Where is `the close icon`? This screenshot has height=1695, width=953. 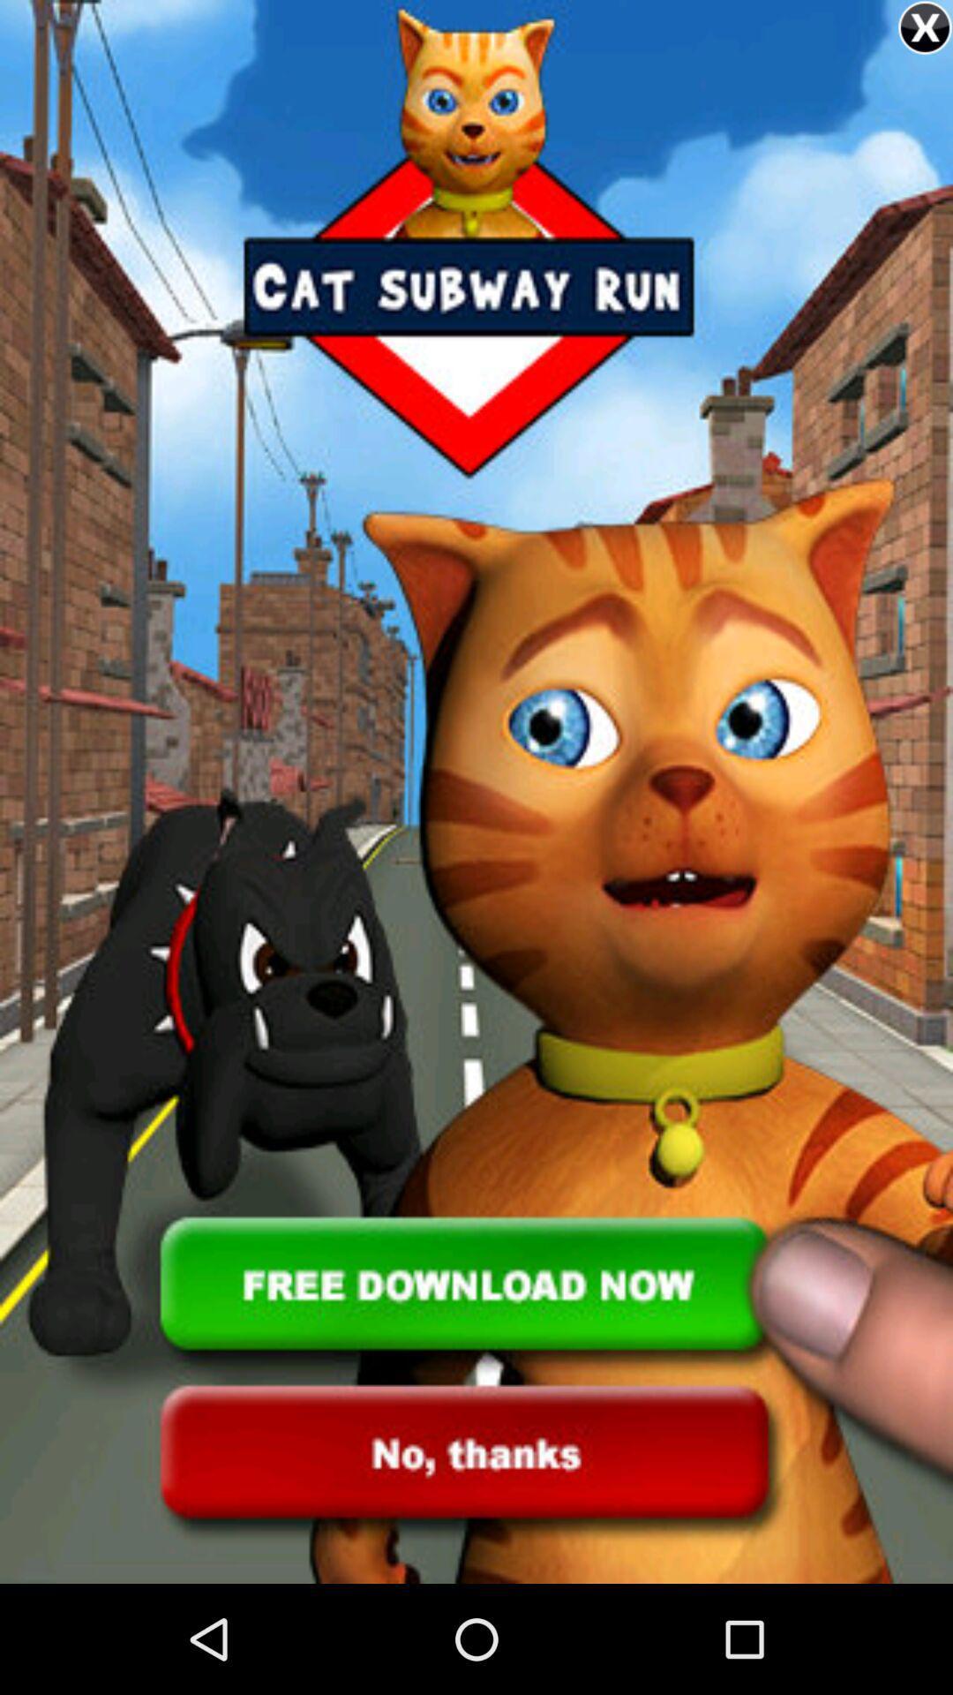
the close icon is located at coordinates (924, 29).